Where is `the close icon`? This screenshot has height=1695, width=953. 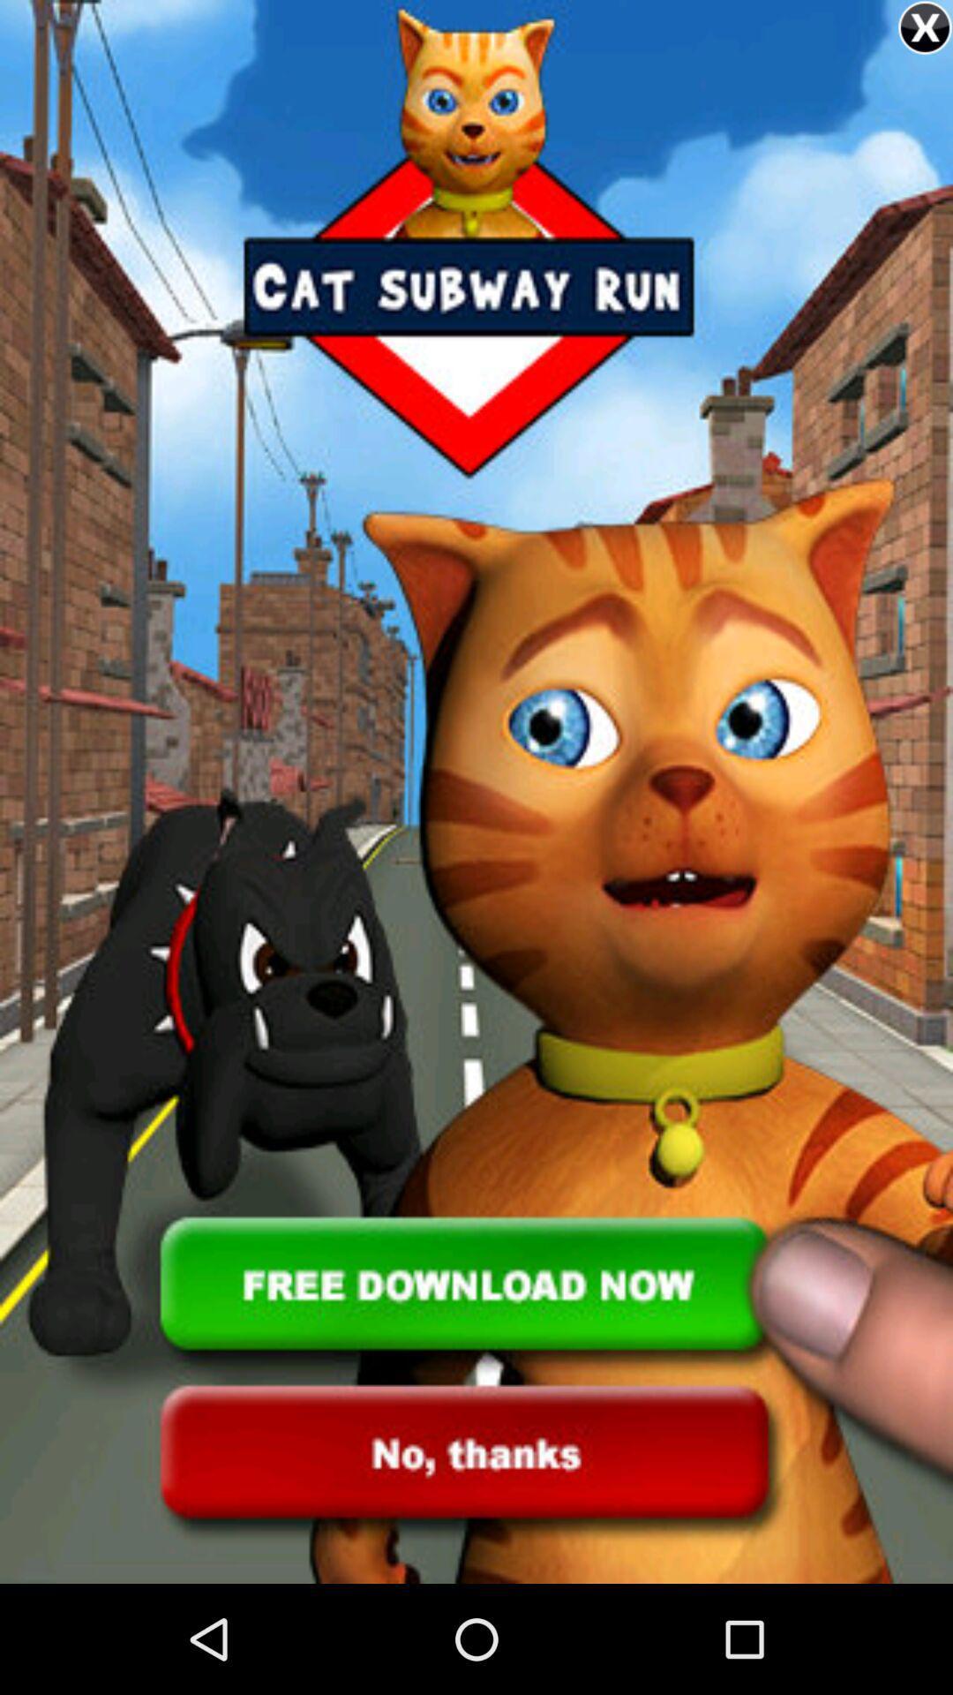
the close icon is located at coordinates (924, 29).